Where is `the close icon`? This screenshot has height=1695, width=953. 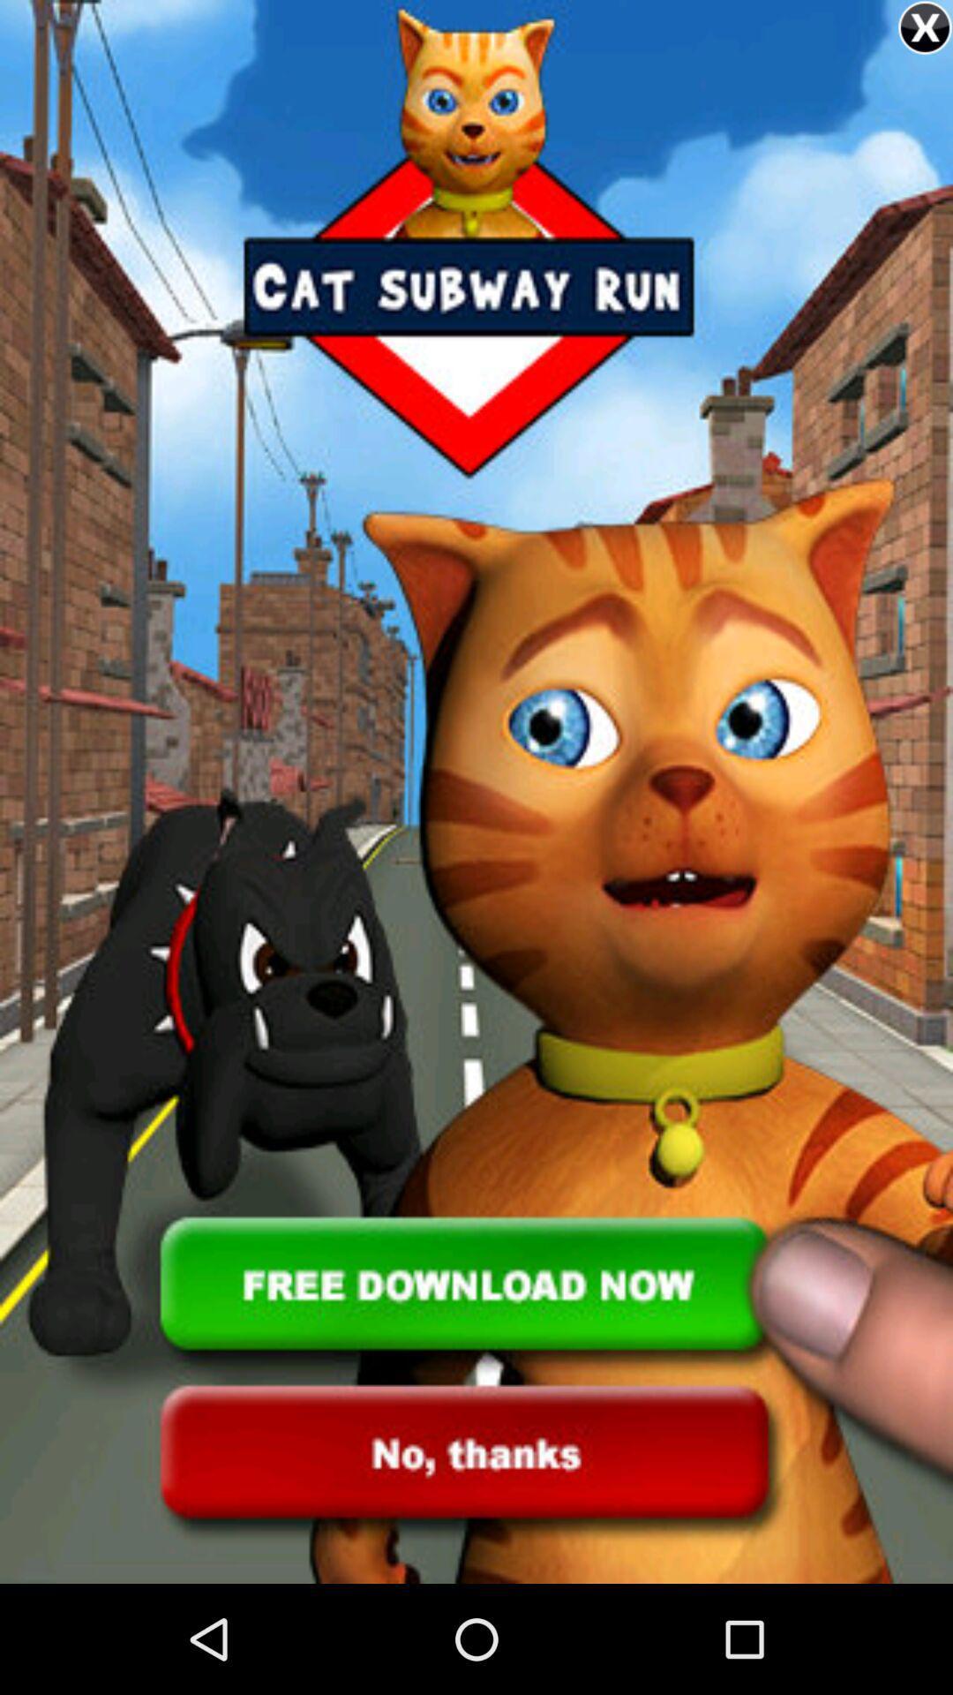
the close icon is located at coordinates (924, 29).